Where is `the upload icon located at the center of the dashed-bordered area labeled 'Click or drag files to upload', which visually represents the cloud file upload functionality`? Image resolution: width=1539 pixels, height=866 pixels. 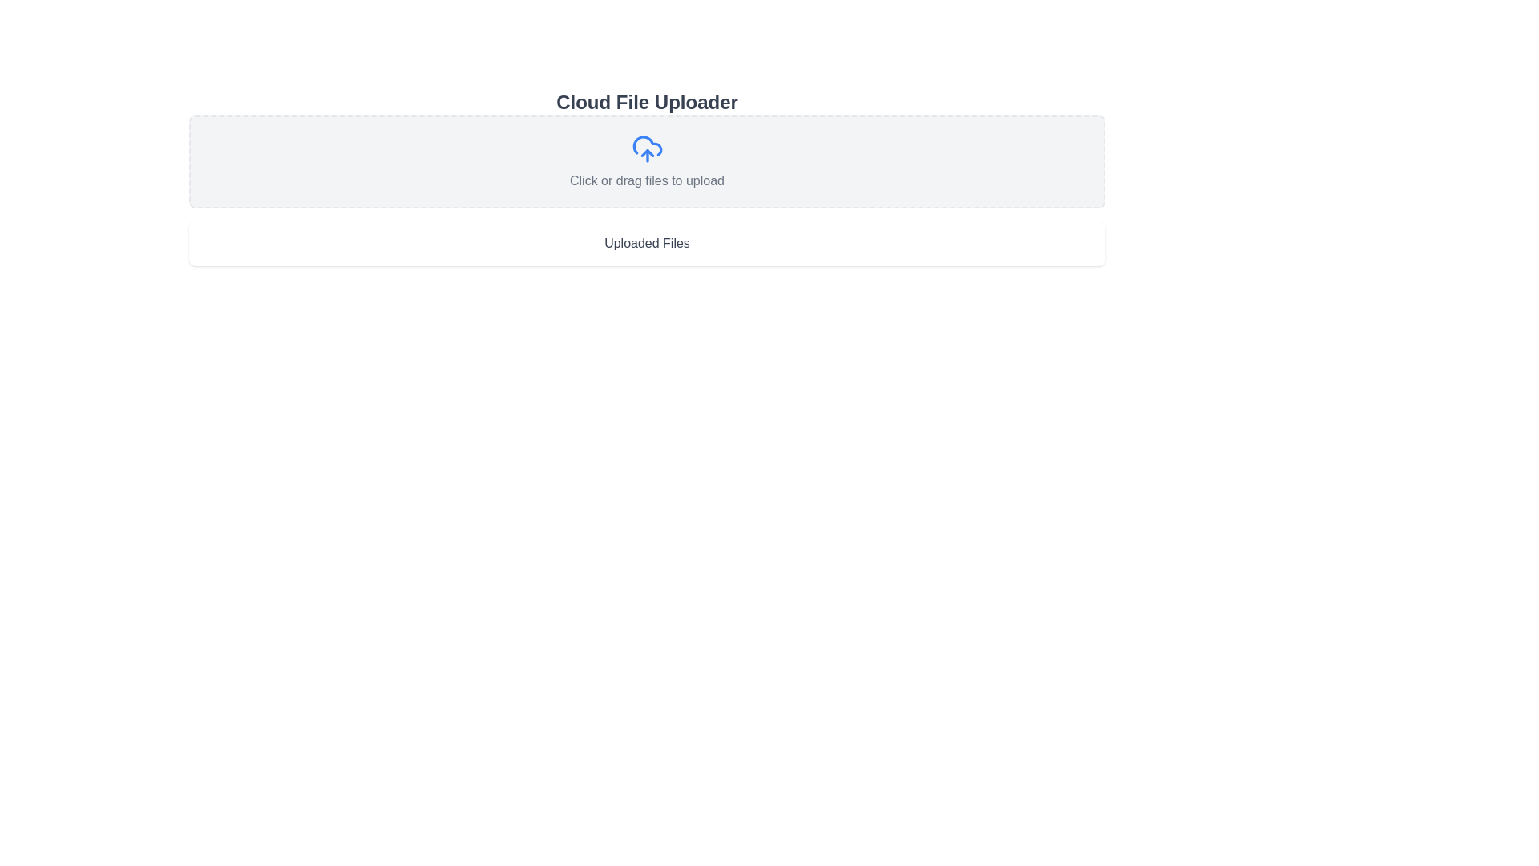 the upload icon located at the center of the dashed-bordered area labeled 'Click or drag files to upload', which visually represents the cloud file upload functionality is located at coordinates (647, 148).